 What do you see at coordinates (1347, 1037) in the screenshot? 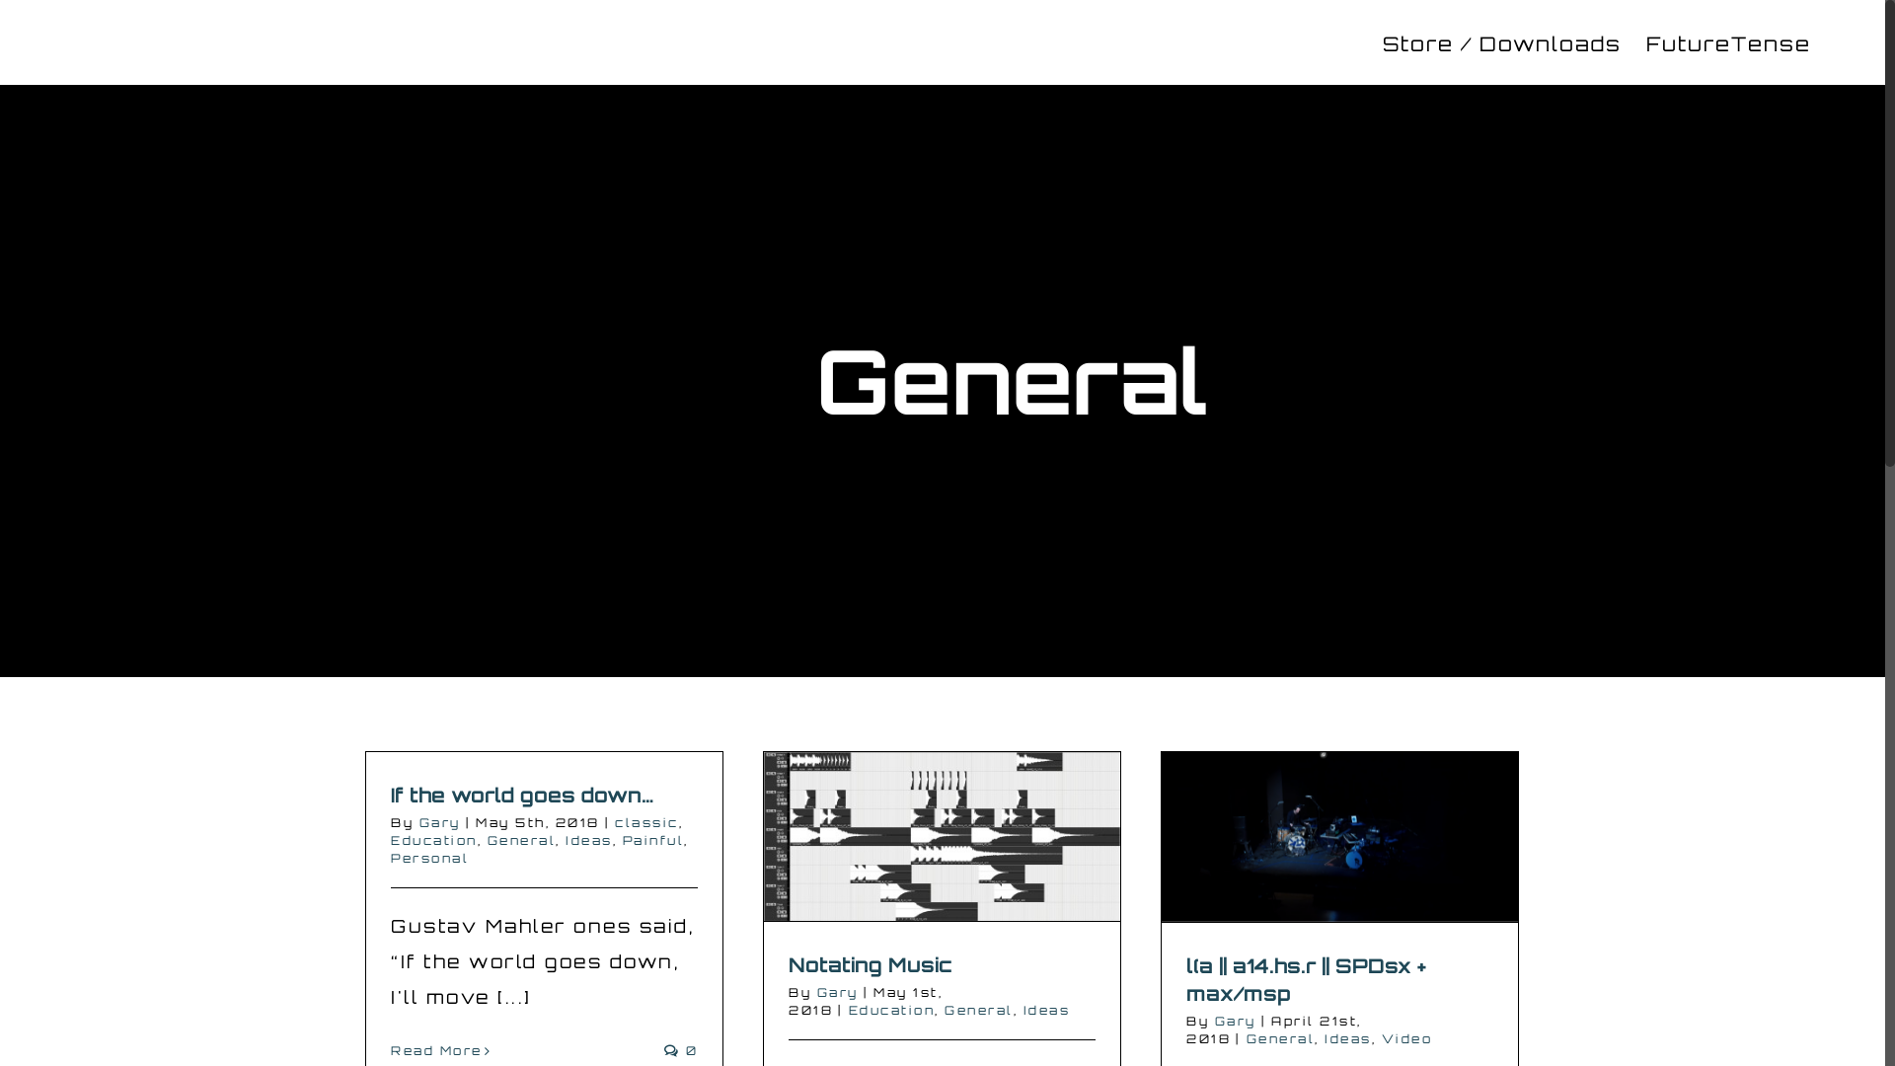
I see `'Ideas'` at bounding box center [1347, 1037].